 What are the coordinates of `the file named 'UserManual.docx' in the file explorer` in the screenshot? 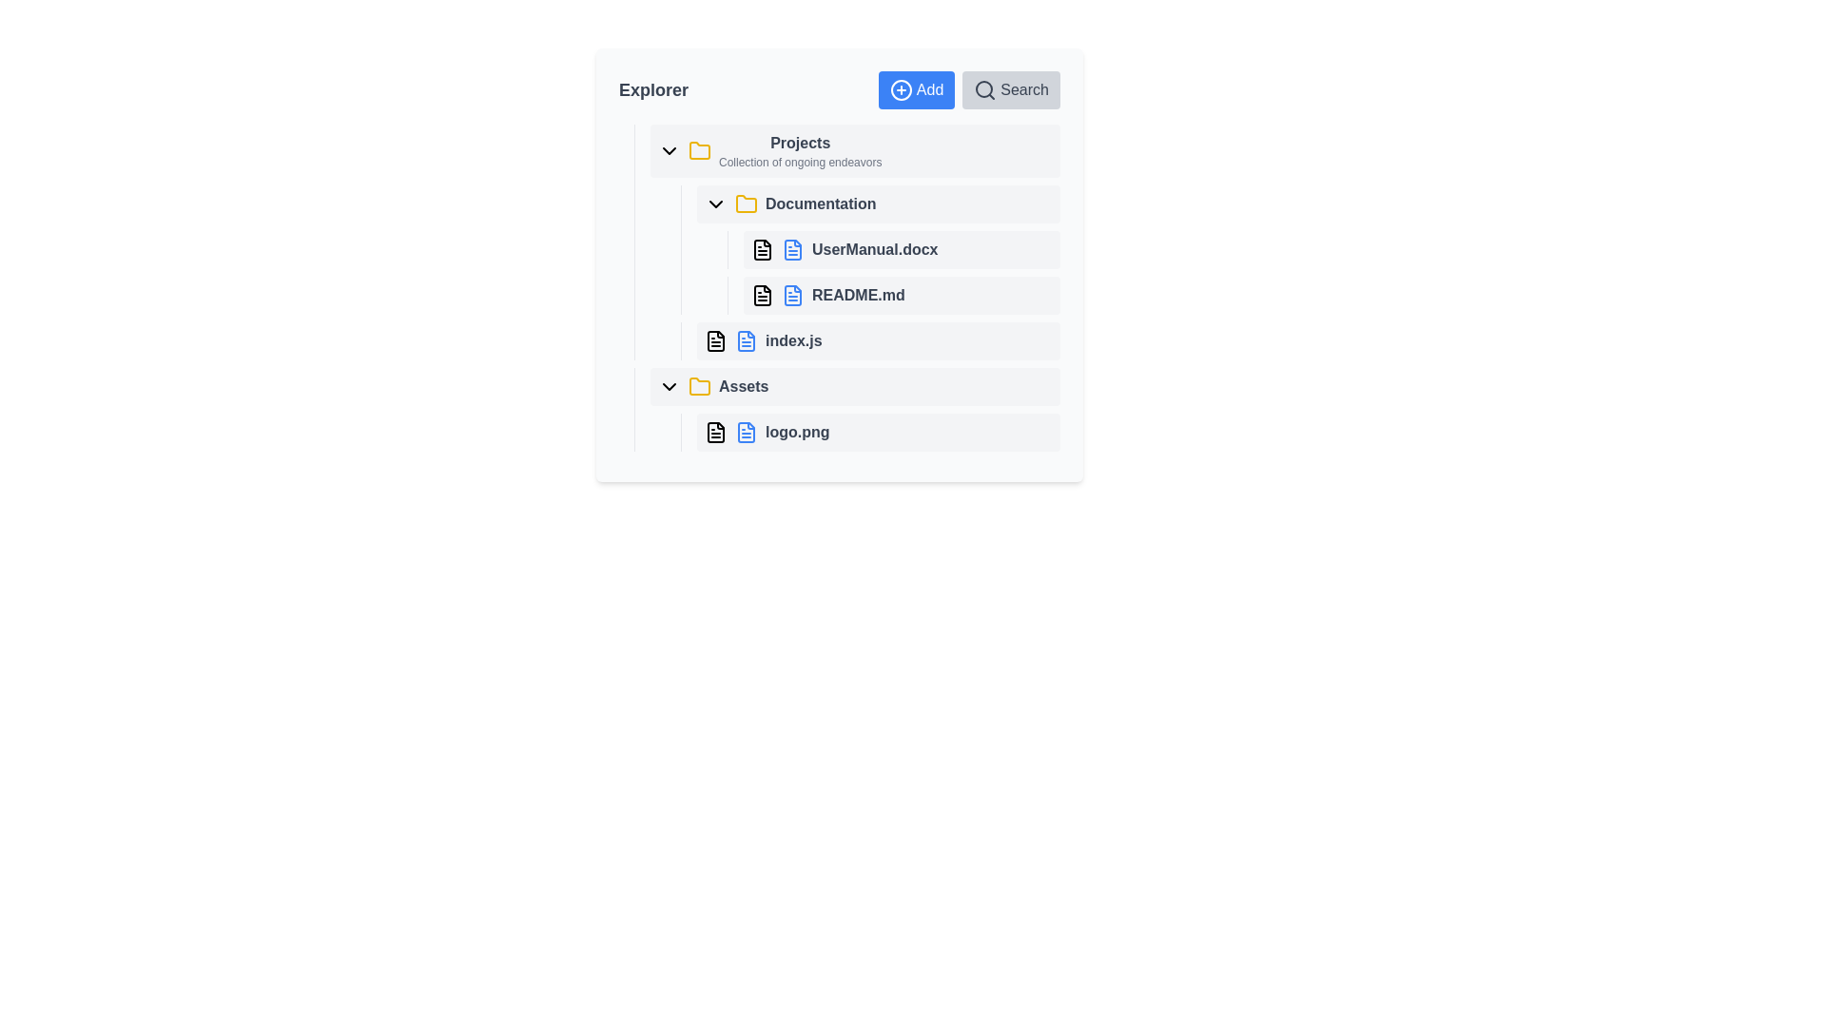 It's located at (869, 248).